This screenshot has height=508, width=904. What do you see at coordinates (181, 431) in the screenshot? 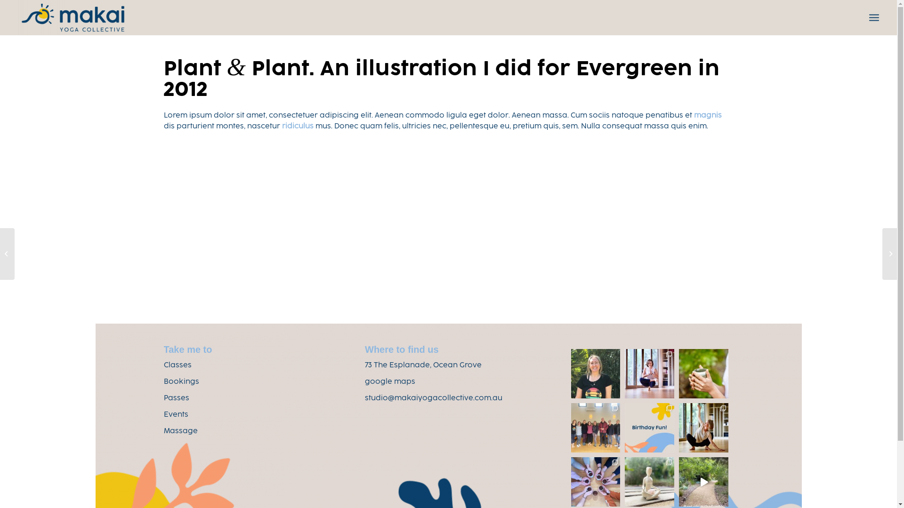
I see `'Massage'` at bounding box center [181, 431].